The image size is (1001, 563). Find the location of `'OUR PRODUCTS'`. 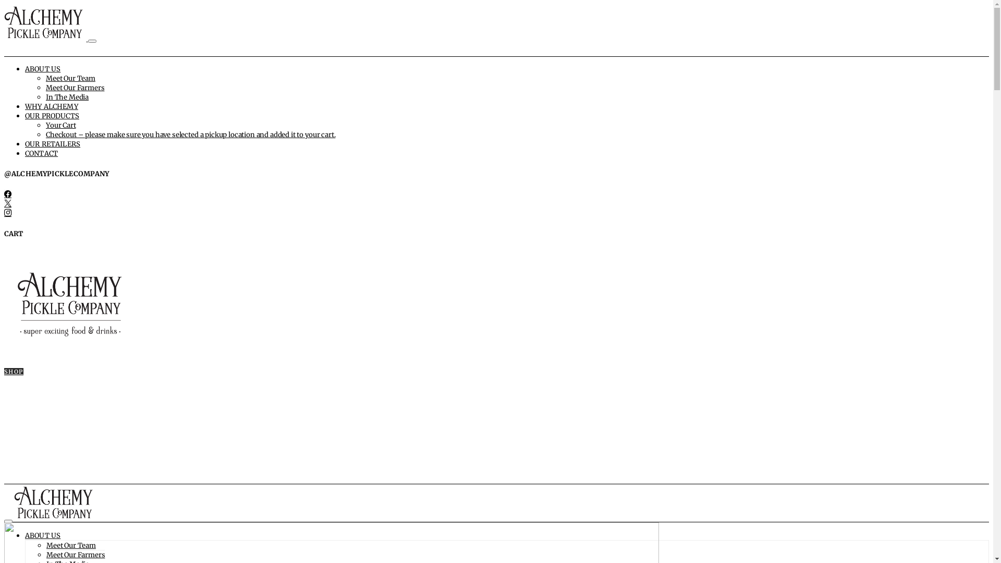

'OUR PRODUCTS' is located at coordinates (52, 116).